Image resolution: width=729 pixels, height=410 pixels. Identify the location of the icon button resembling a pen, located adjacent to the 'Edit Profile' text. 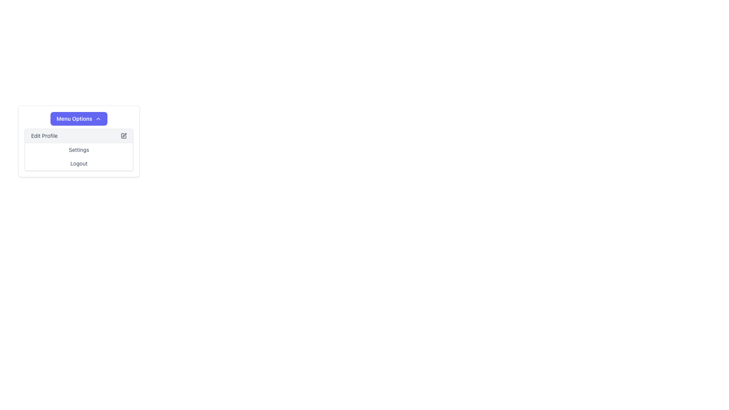
(124, 136).